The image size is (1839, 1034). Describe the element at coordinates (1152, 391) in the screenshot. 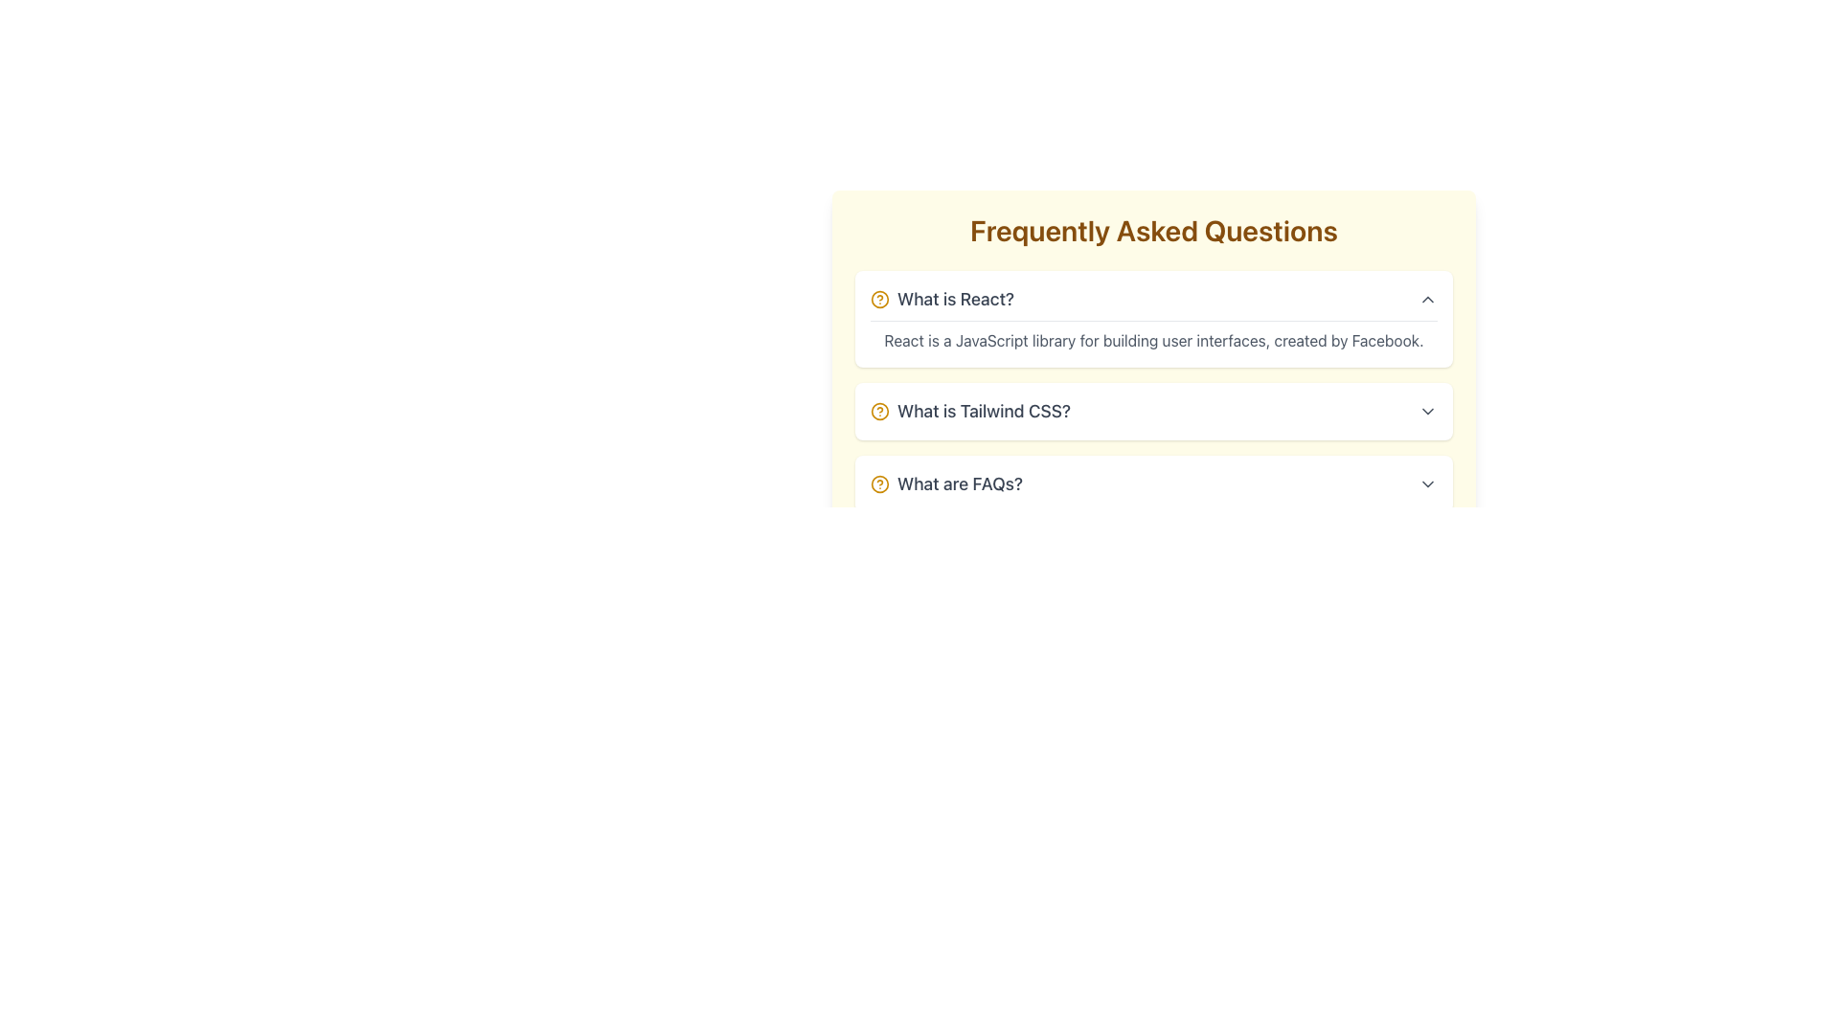

I see `the second section of the Accordion item that allows users to view and hide the answer to 'What is Tailwind CSS?' for accessibility navigation` at that location.